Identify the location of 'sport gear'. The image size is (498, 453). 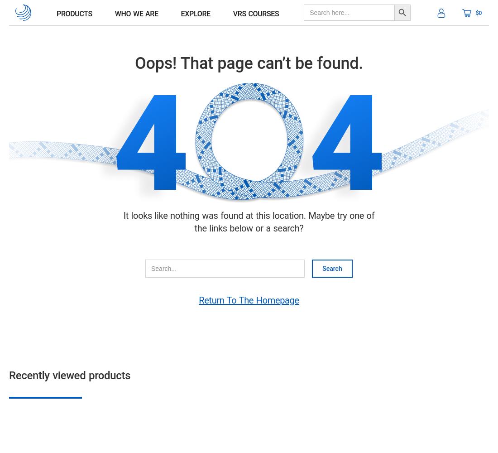
(236, 55).